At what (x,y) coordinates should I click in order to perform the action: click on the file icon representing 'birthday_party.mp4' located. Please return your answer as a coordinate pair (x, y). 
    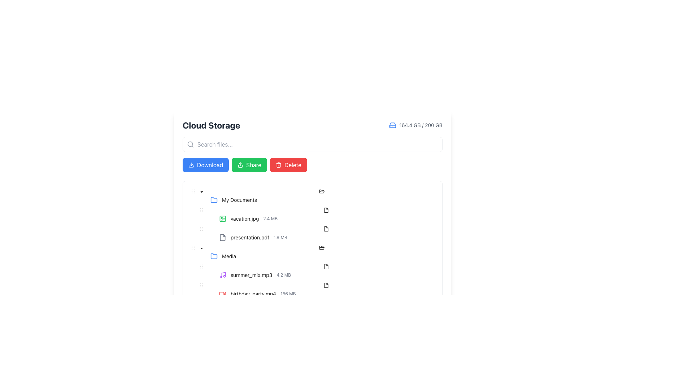
    Looking at the image, I should click on (326, 285).